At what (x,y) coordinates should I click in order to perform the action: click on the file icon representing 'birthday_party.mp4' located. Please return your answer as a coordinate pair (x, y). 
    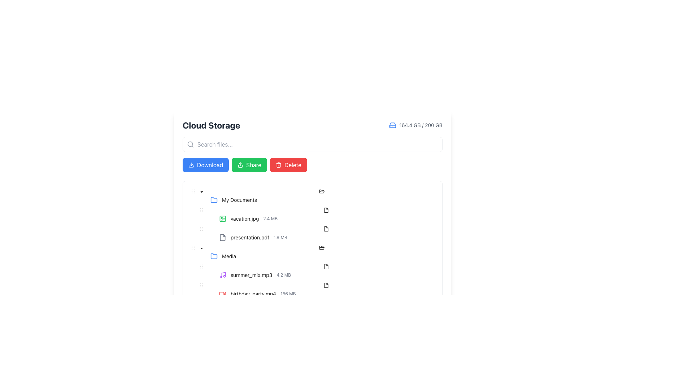
    Looking at the image, I should click on (326, 285).